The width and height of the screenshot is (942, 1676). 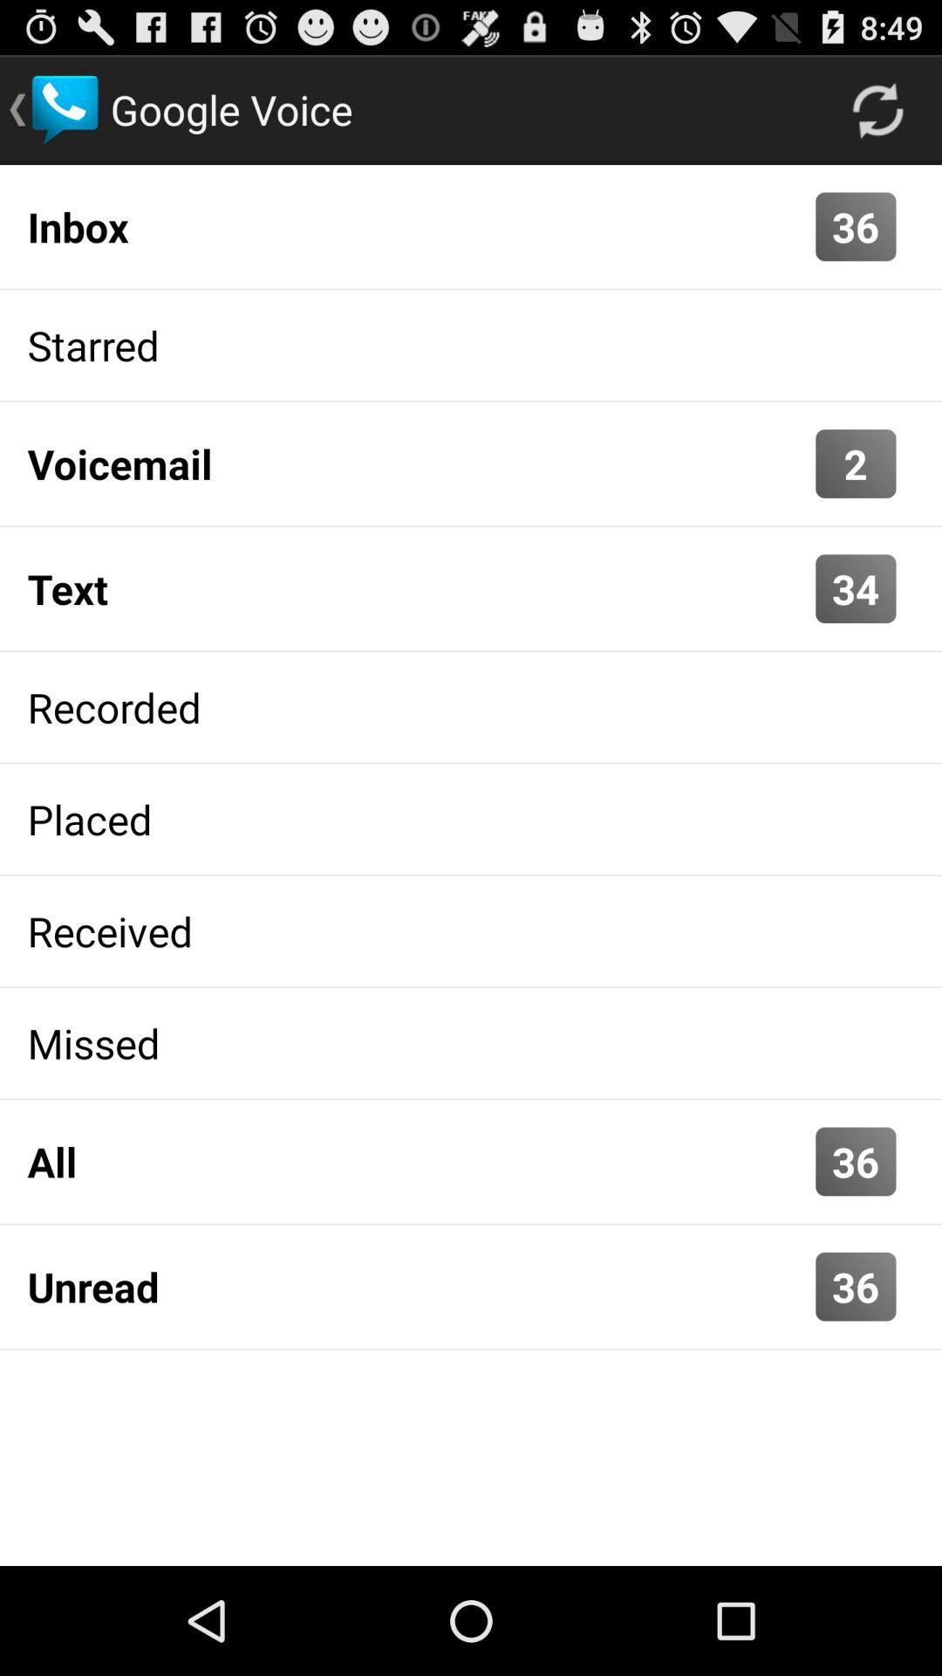 What do you see at coordinates (877, 108) in the screenshot?
I see `item above the 36 item` at bounding box center [877, 108].